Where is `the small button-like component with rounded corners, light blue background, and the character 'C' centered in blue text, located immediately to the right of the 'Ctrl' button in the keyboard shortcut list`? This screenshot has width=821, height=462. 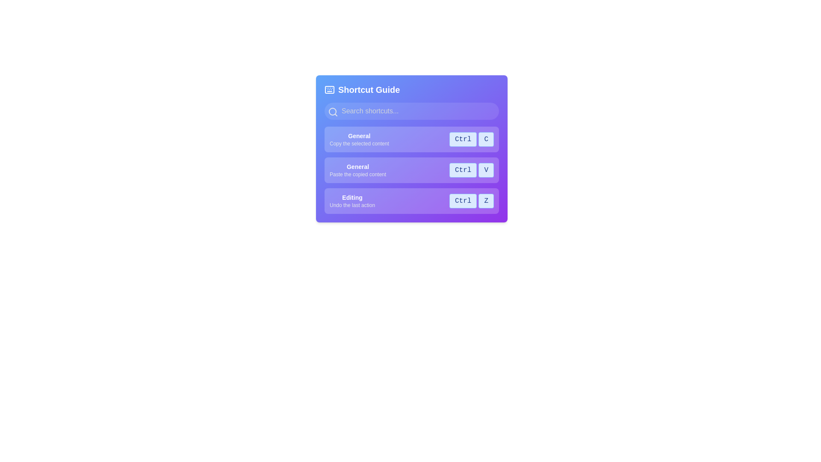 the small button-like component with rounded corners, light blue background, and the character 'C' centered in blue text, located immediately to the right of the 'Ctrl' button in the keyboard shortcut list is located at coordinates (486, 139).